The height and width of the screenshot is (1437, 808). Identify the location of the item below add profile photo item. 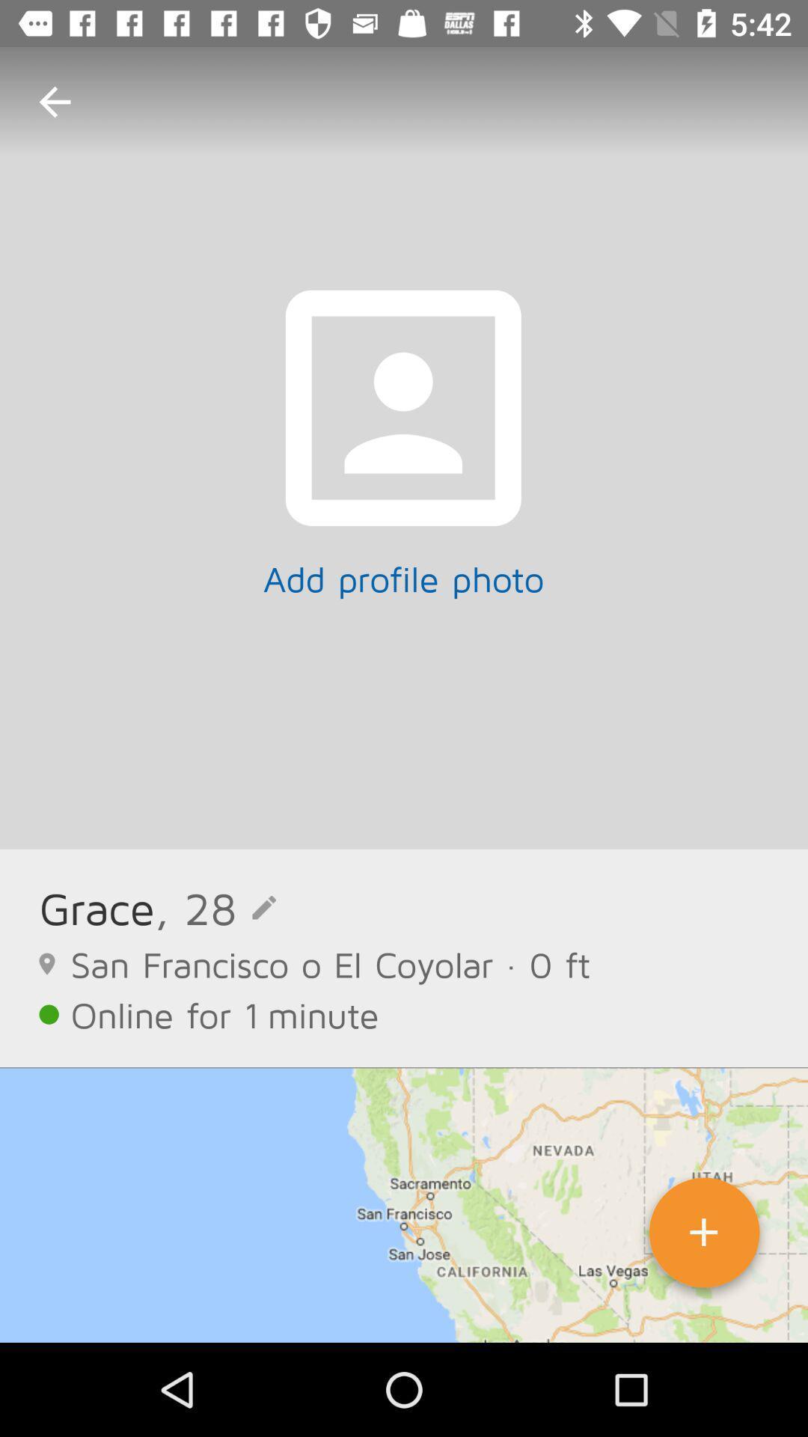
(215, 907).